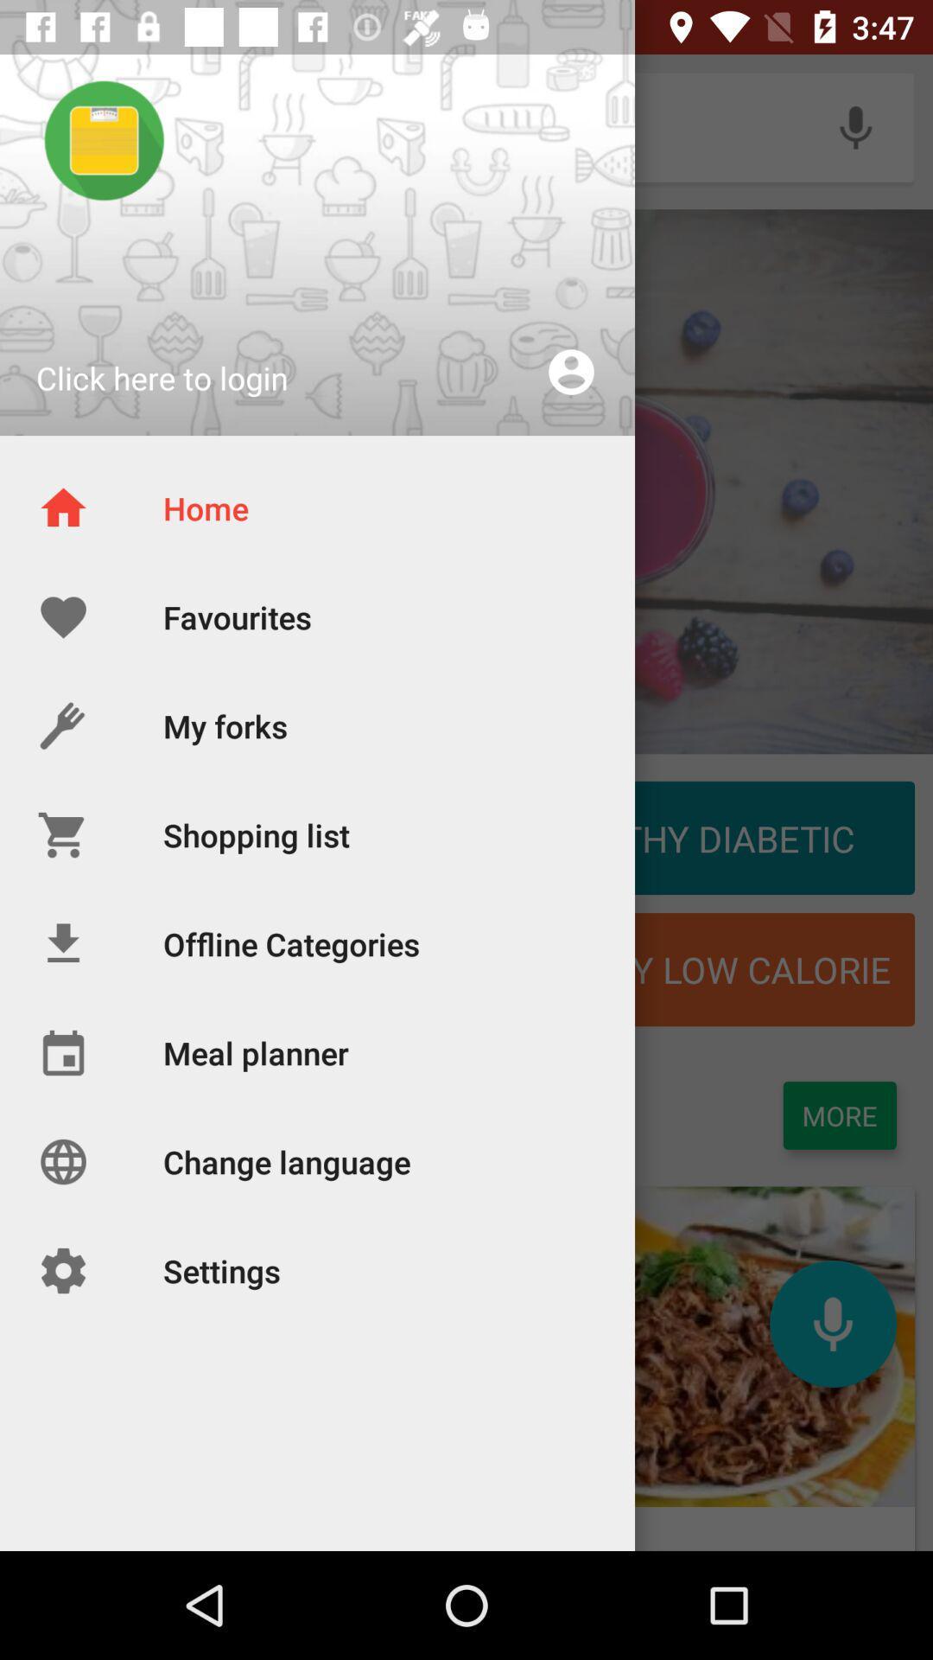 Image resolution: width=933 pixels, height=1660 pixels. What do you see at coordinates (161, 1346) in the screenshot?
I see `the settings button` at bounding box center [161, 1346].